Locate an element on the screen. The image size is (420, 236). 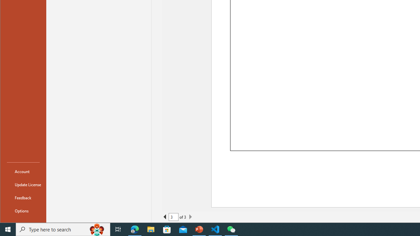
'Start' is located at coordinates (8, 229).